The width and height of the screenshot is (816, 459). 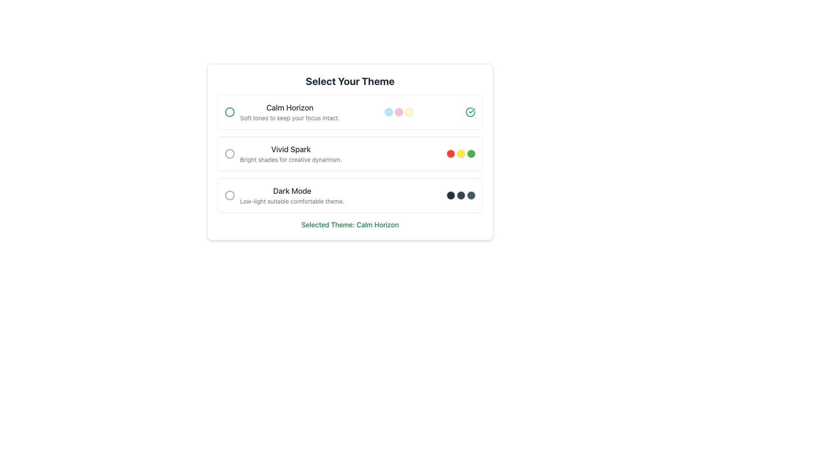 What do you see at coordinates (388, 111) in the screenshot?
I see `the first circular color indicator for the 'Calm Horizon' theme located near the top-right of the theme selection options` at bounding box center [388, 111].